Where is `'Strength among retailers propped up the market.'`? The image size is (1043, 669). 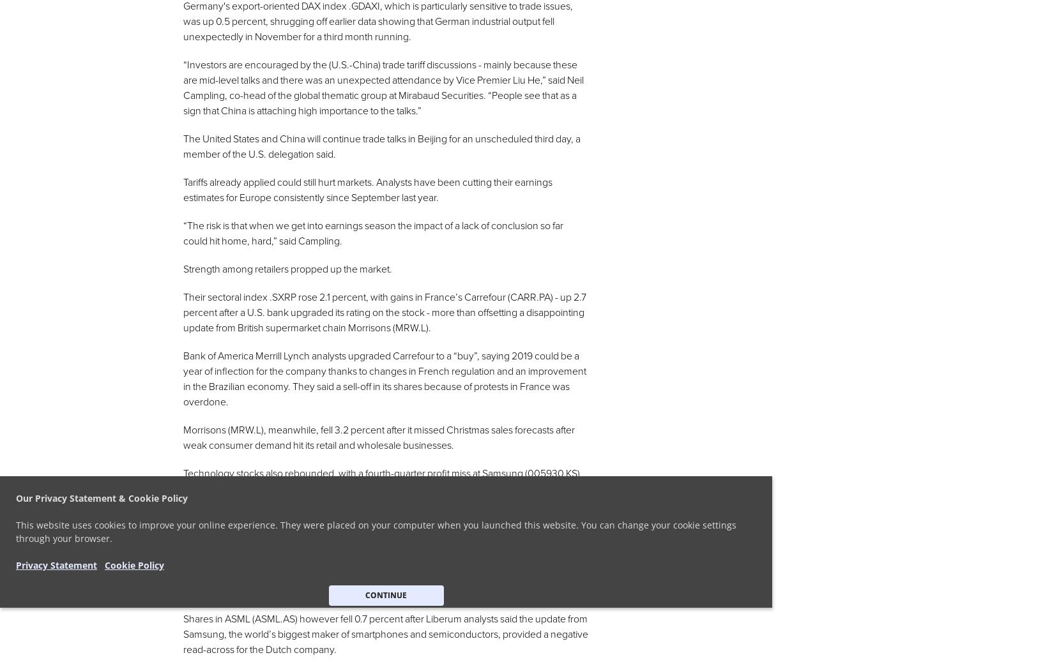
'Strength among retailers propped up the market.' is located at coordinates (287, 269).